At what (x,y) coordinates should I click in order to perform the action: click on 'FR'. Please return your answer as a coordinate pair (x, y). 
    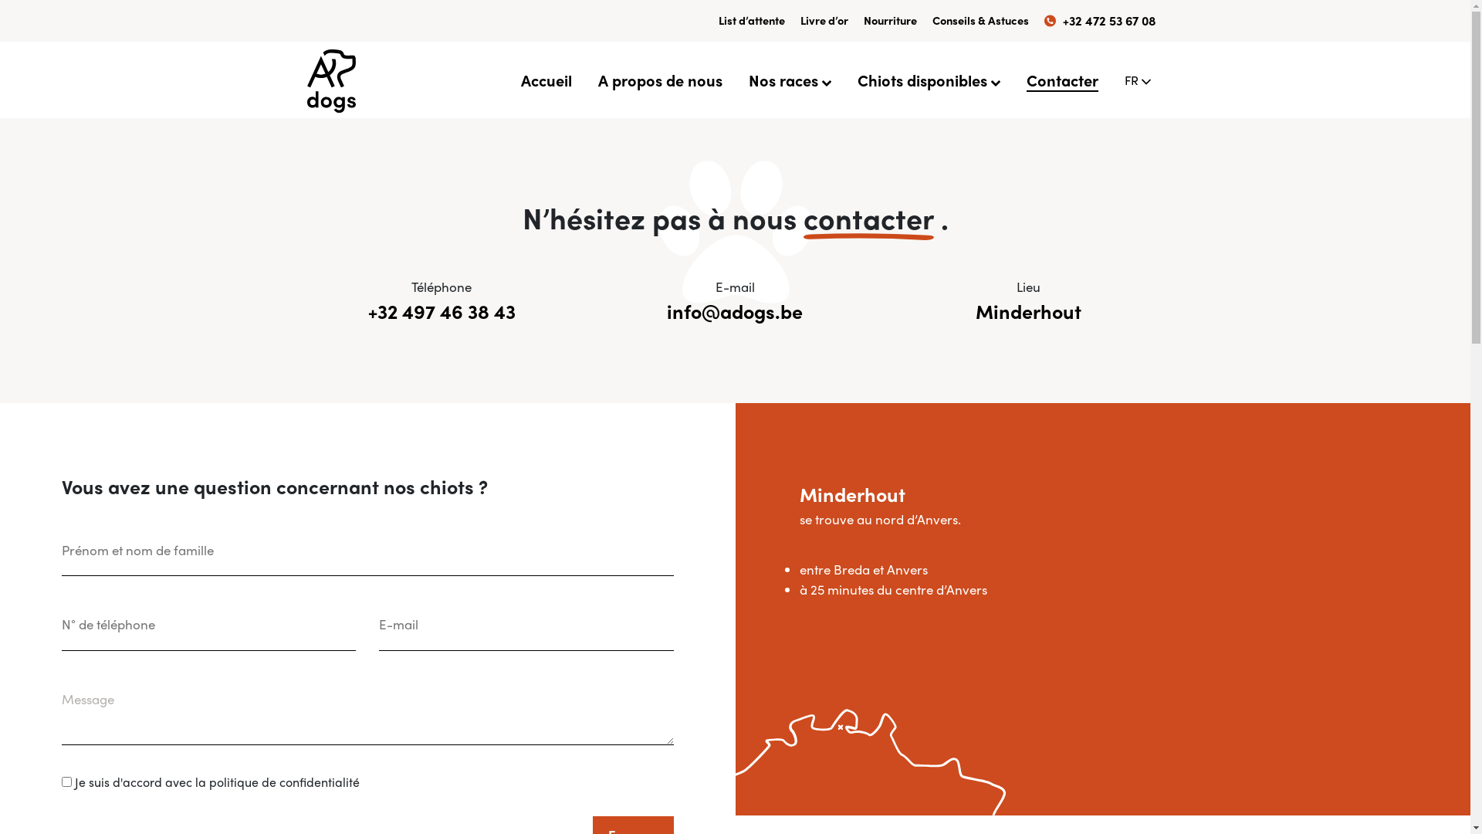
    Looking at the image, I should click on (1123, 80).